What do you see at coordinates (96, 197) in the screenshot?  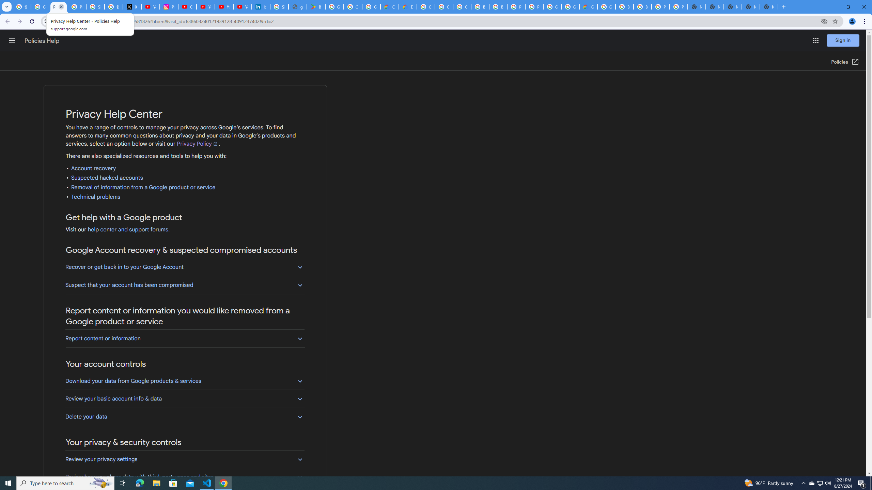 I see `'Technical problems'` at bounding box center [96, 197].